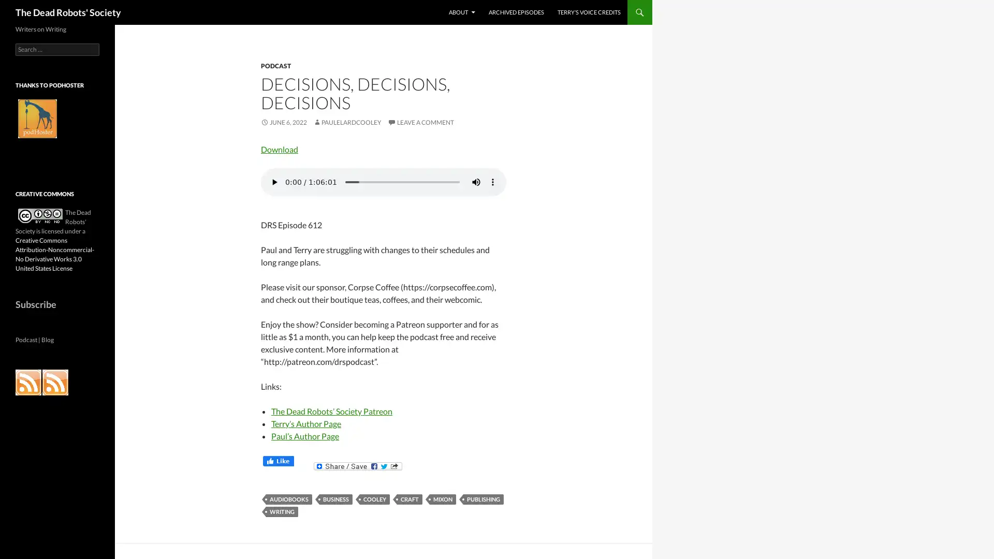  I want to click on play, so click(274, 181).